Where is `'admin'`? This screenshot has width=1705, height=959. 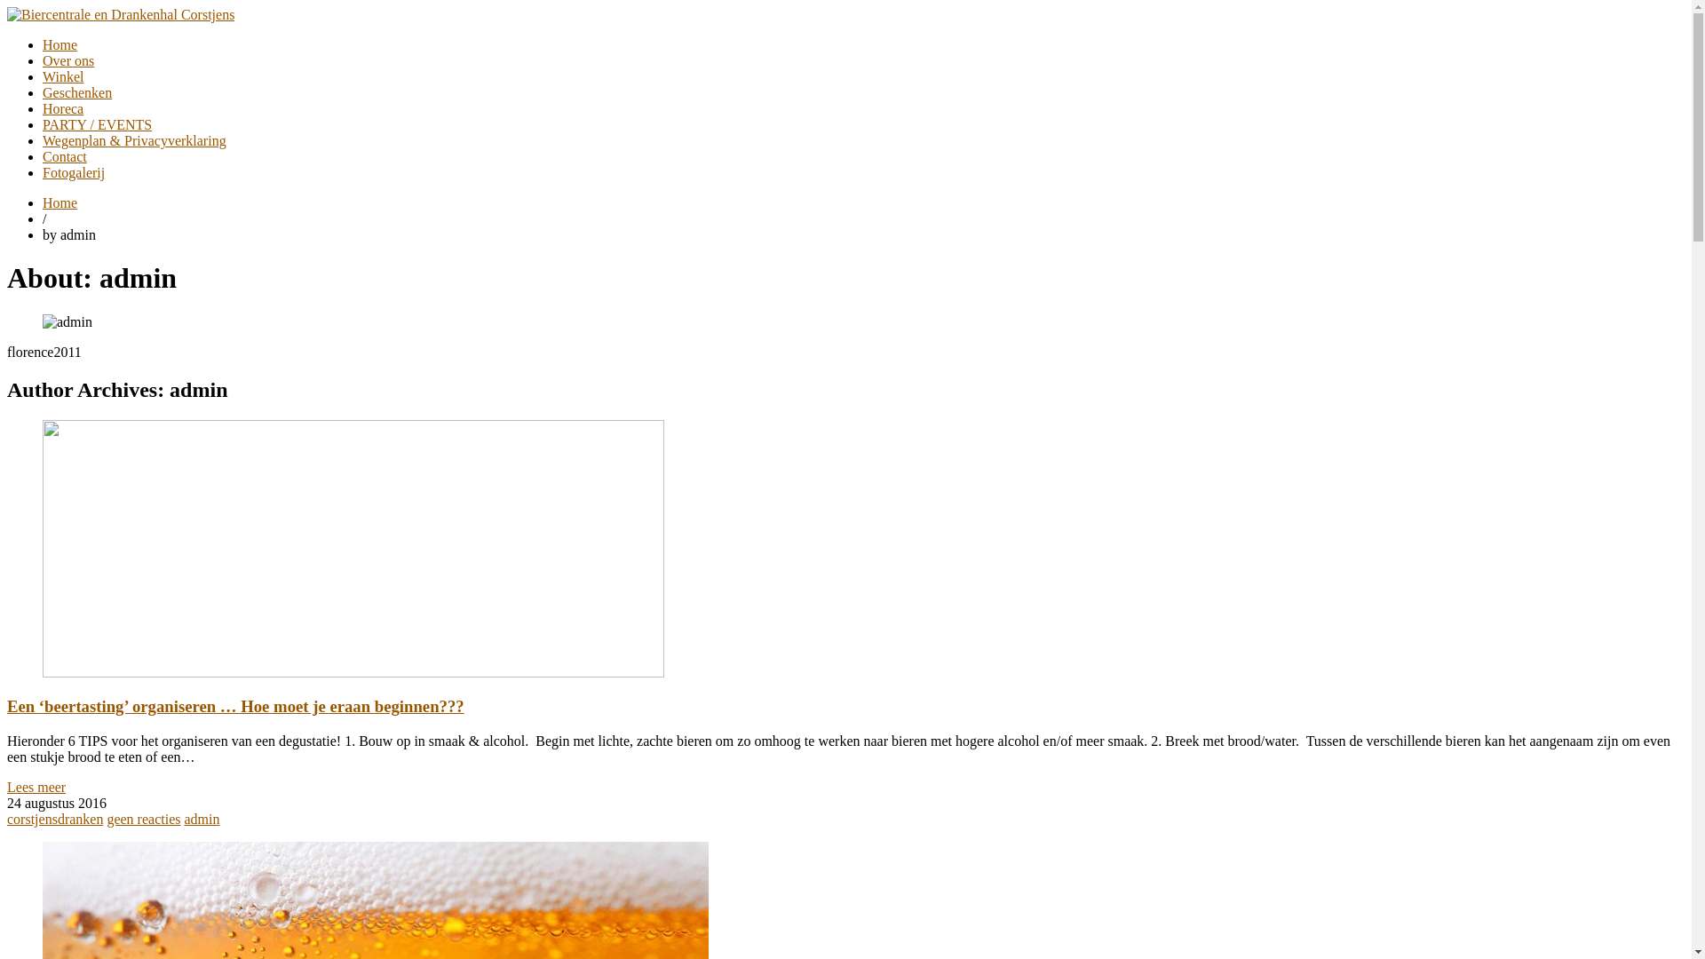 'admin' is located at coordinates (201, 819).